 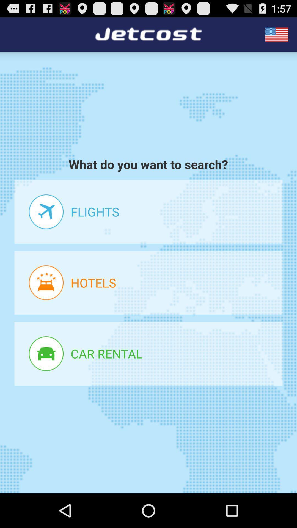 I want to click on change country, so click(x=277, y=34).